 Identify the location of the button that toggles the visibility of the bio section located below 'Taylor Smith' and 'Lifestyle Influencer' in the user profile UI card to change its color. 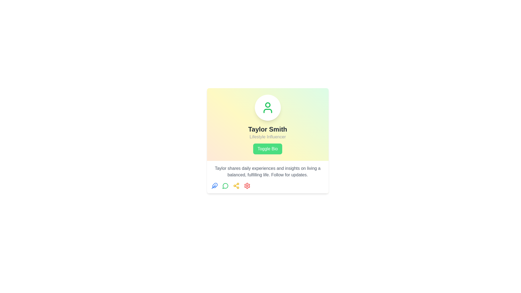
(268, 149).